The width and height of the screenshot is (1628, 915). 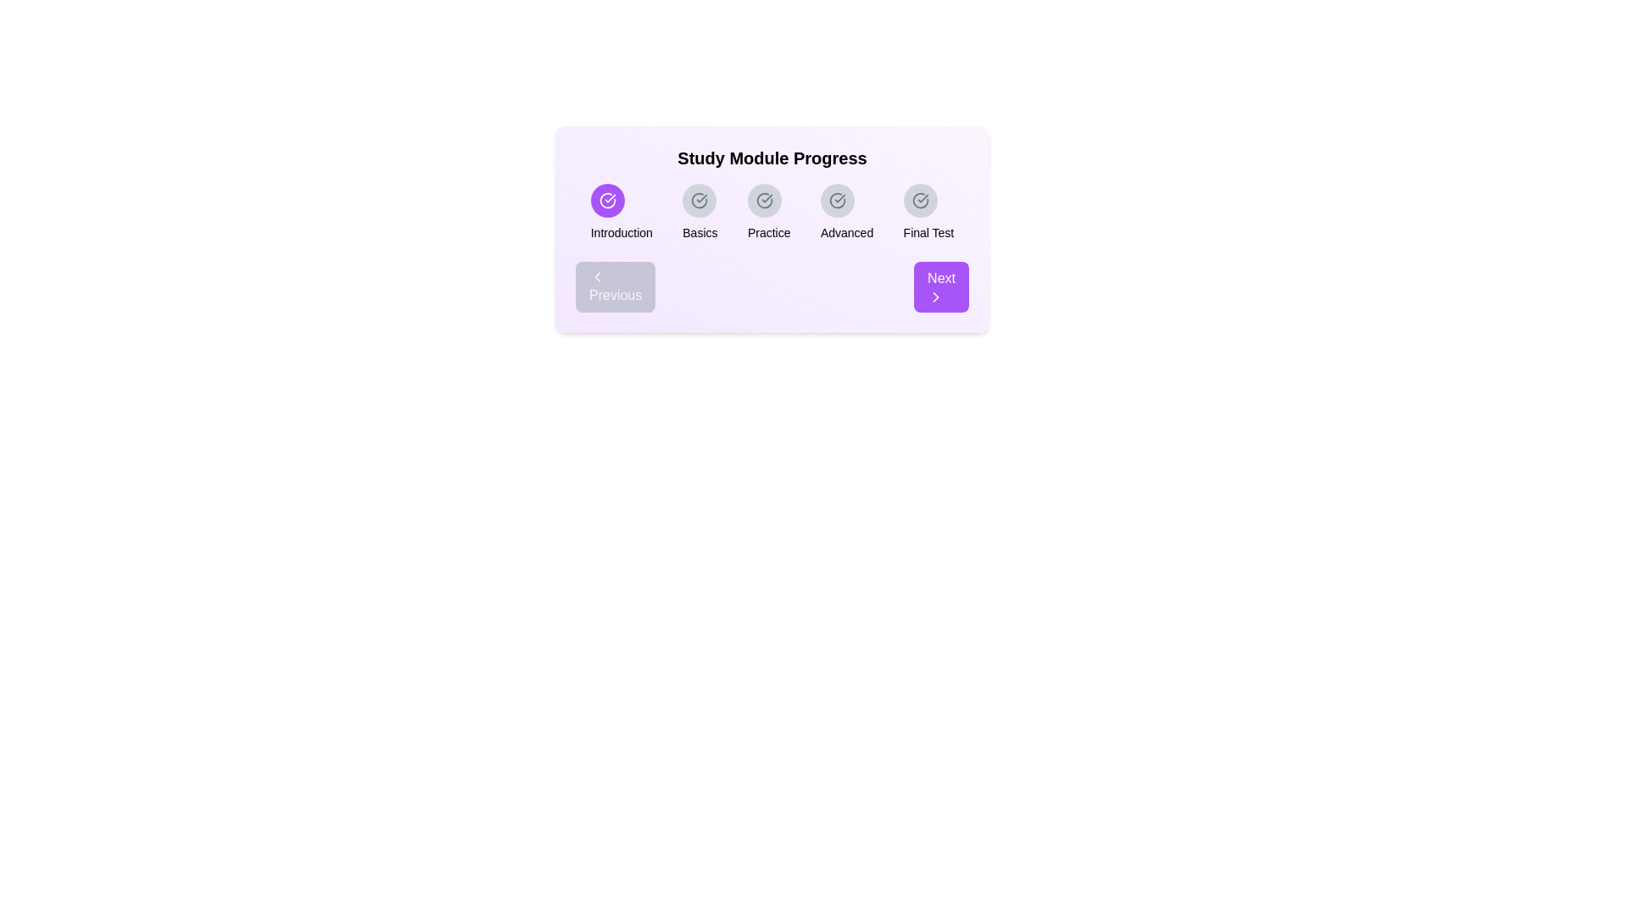 What do you see at coordinates (846, 211) in the screenshot?
I see `the 'Advanced' module icon` at bounding box center [846, 211].